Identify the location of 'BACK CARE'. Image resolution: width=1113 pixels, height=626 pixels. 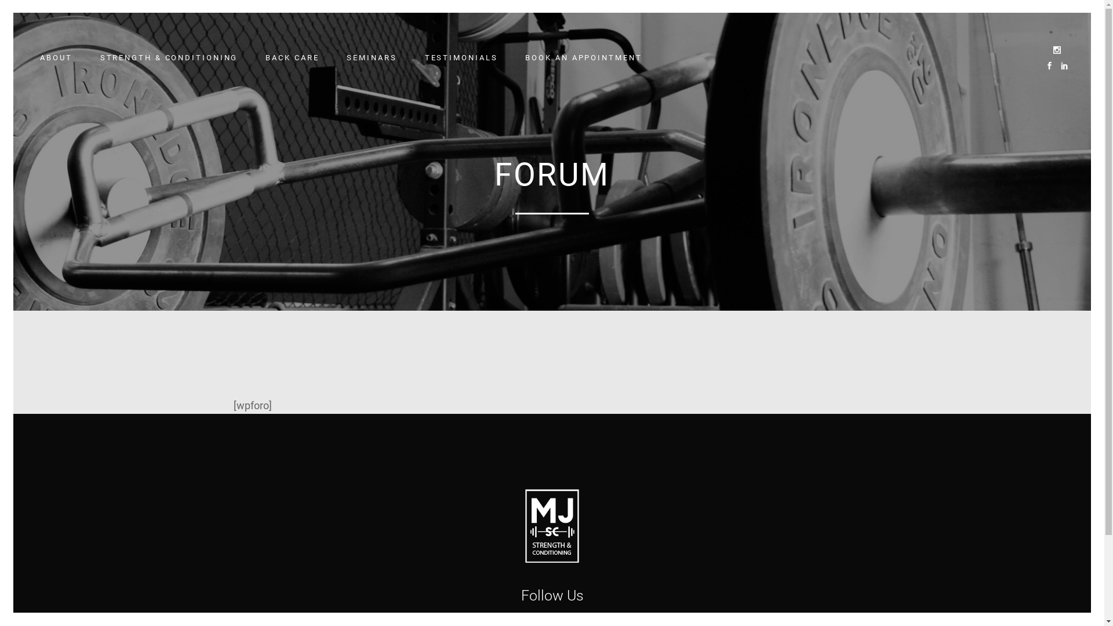
(292, 58).